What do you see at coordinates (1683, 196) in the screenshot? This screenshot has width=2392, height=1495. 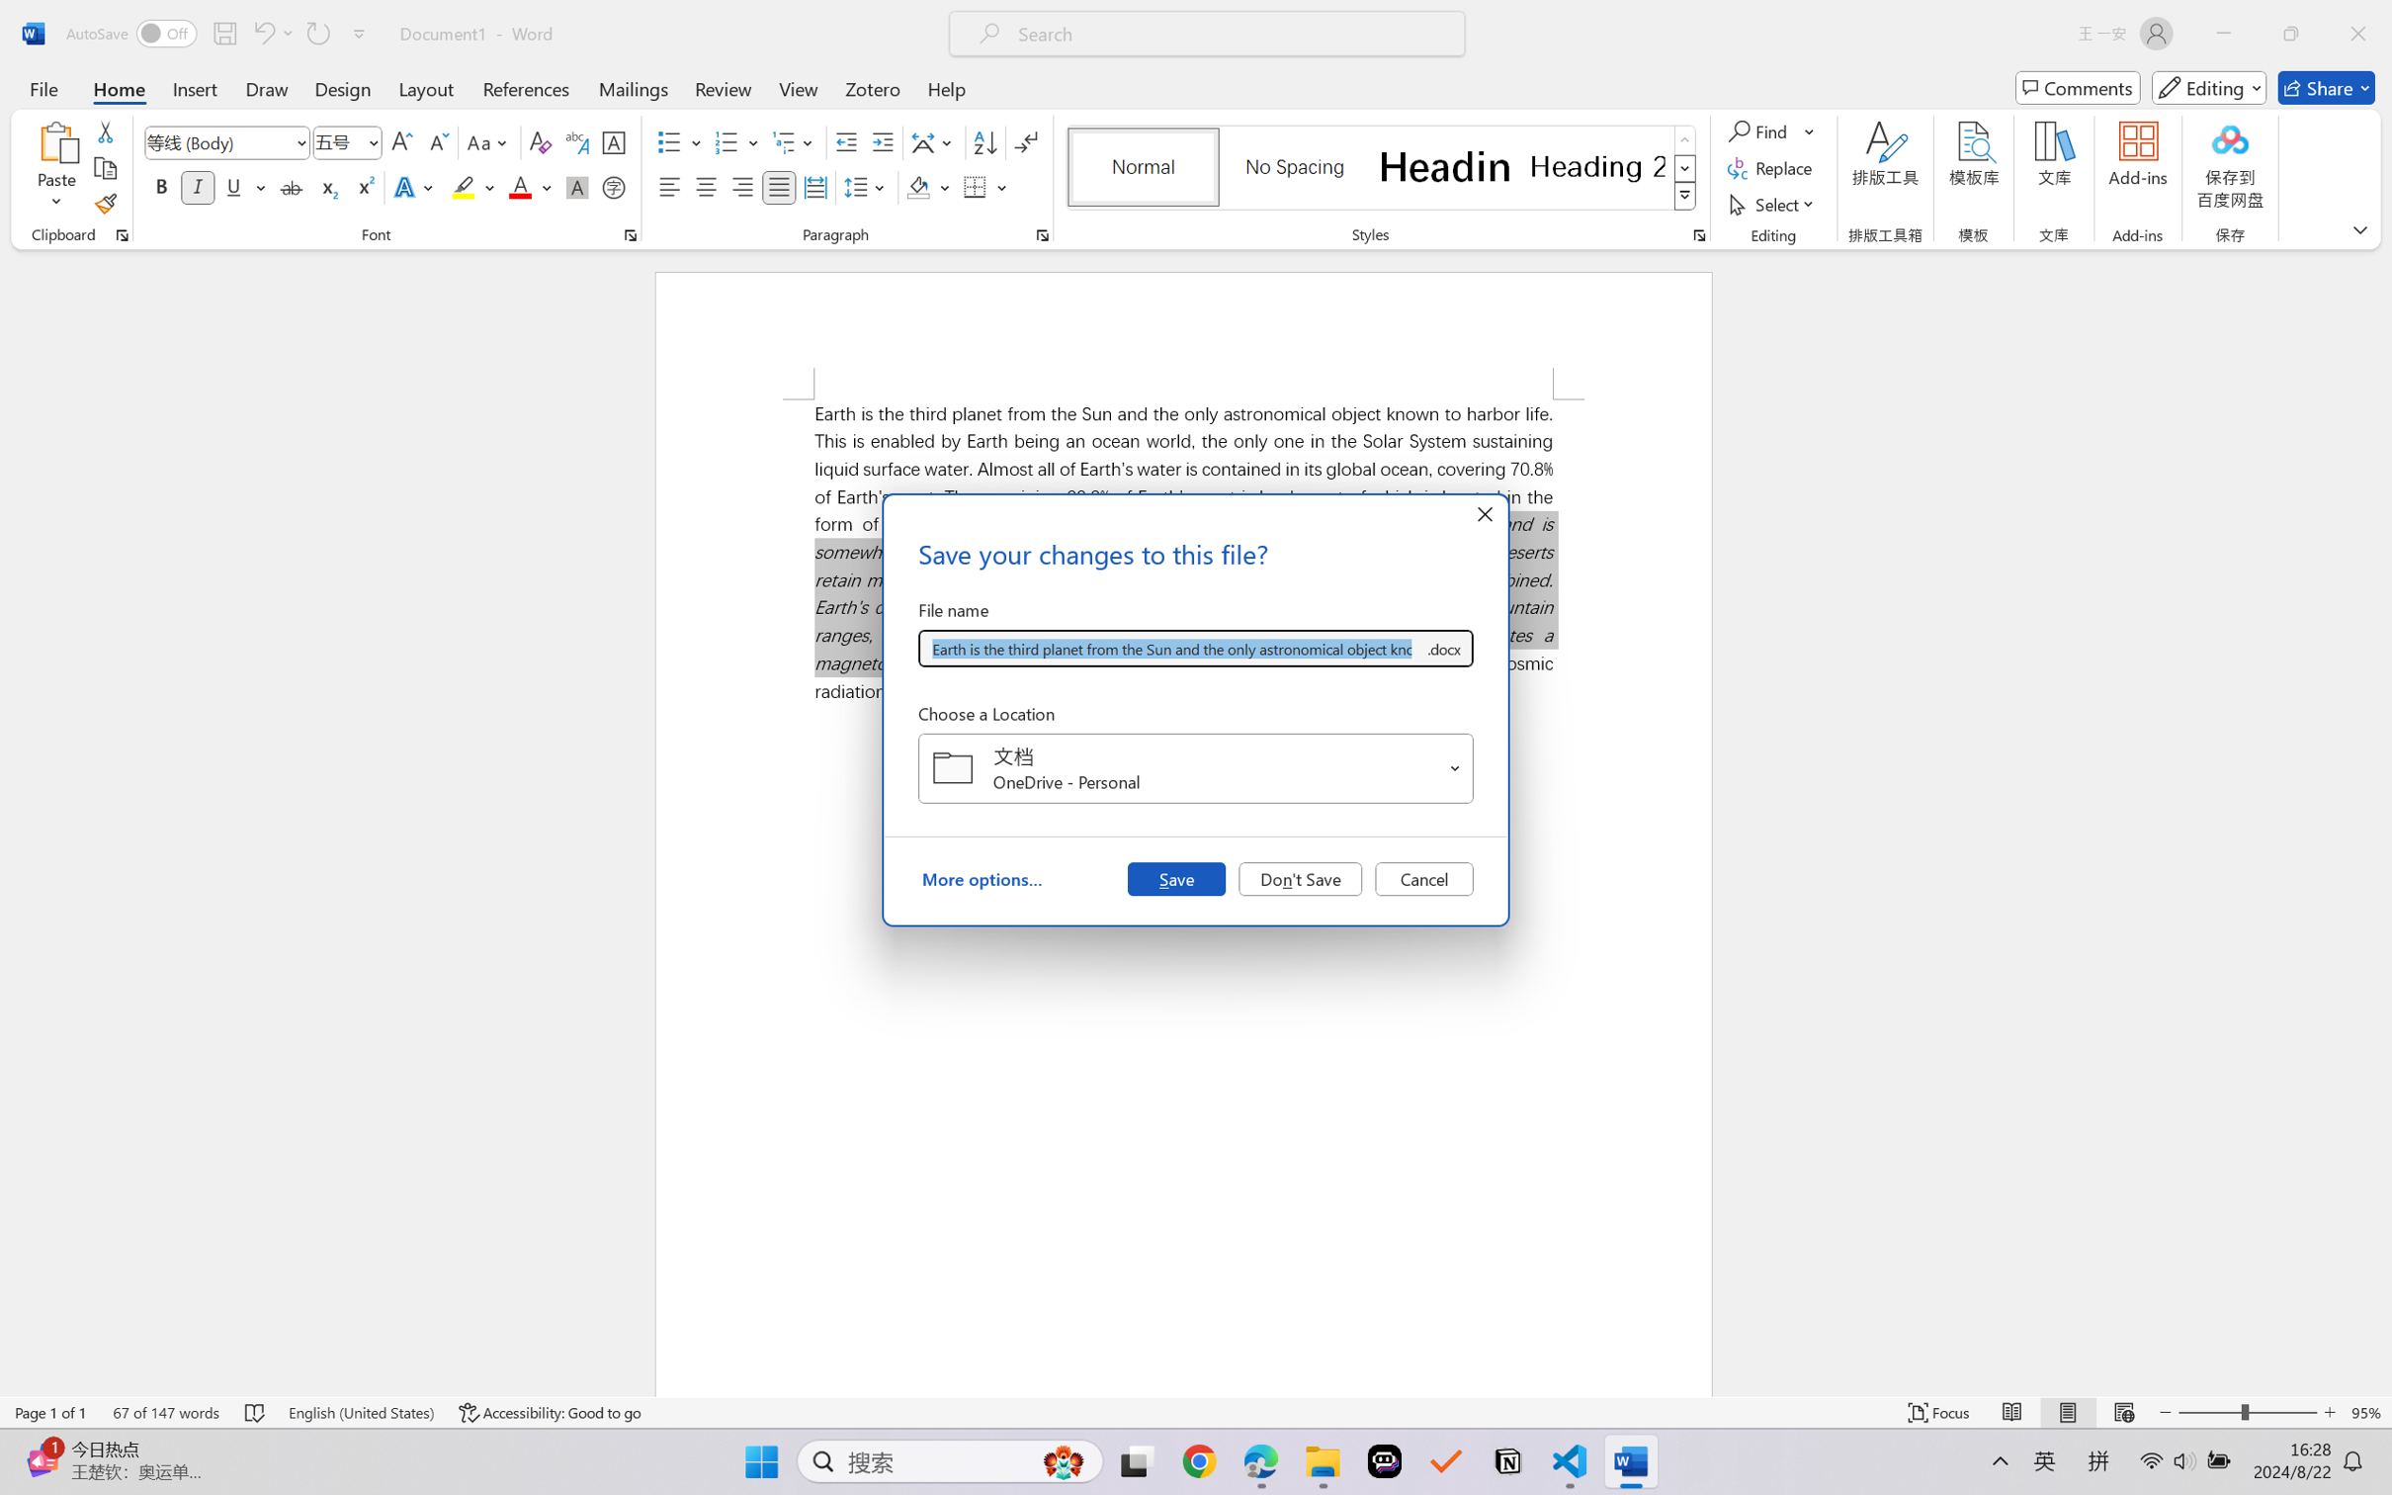 I see `'Styles'` at bounding box center [1683, 196].